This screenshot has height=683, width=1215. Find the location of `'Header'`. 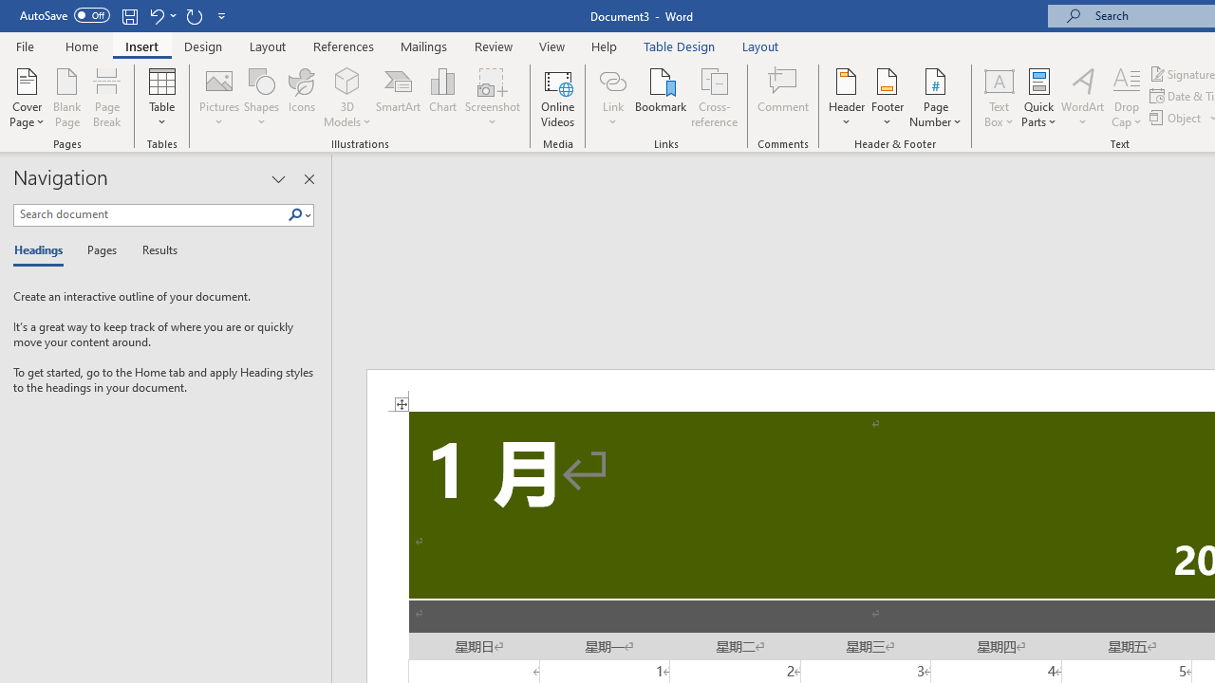

'Header' is located at coordinates (846, 98).